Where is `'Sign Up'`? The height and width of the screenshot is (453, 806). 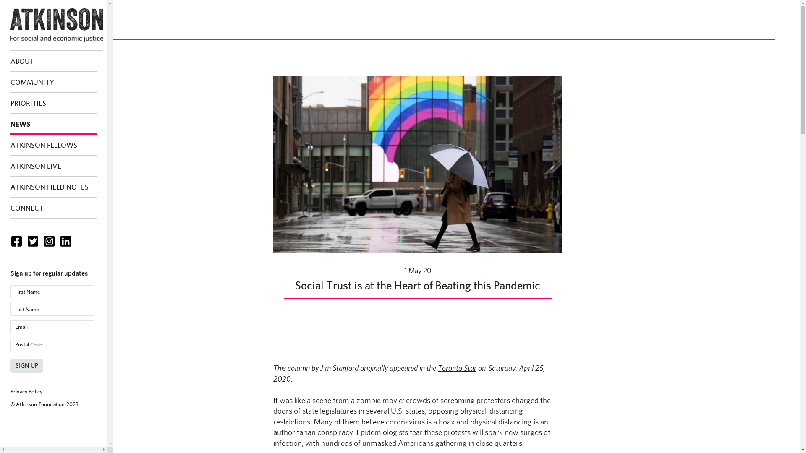
'Sign Up' is located at coordinates (26, 365).